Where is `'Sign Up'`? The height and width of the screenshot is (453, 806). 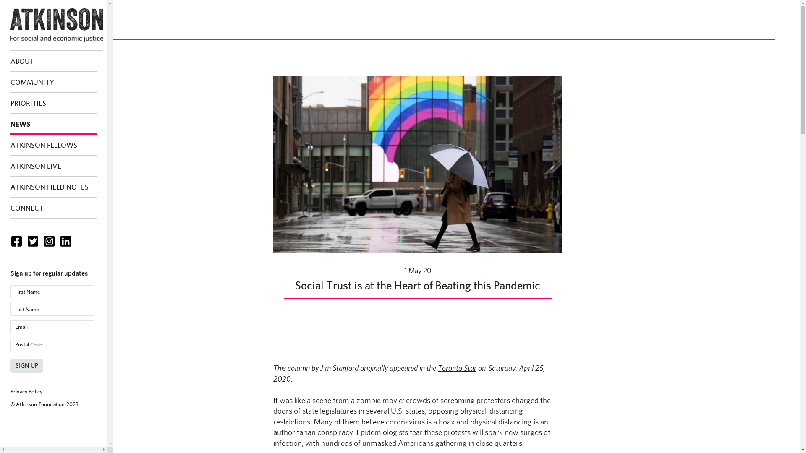
'Sign Up' is located at coordinates (26, 365).